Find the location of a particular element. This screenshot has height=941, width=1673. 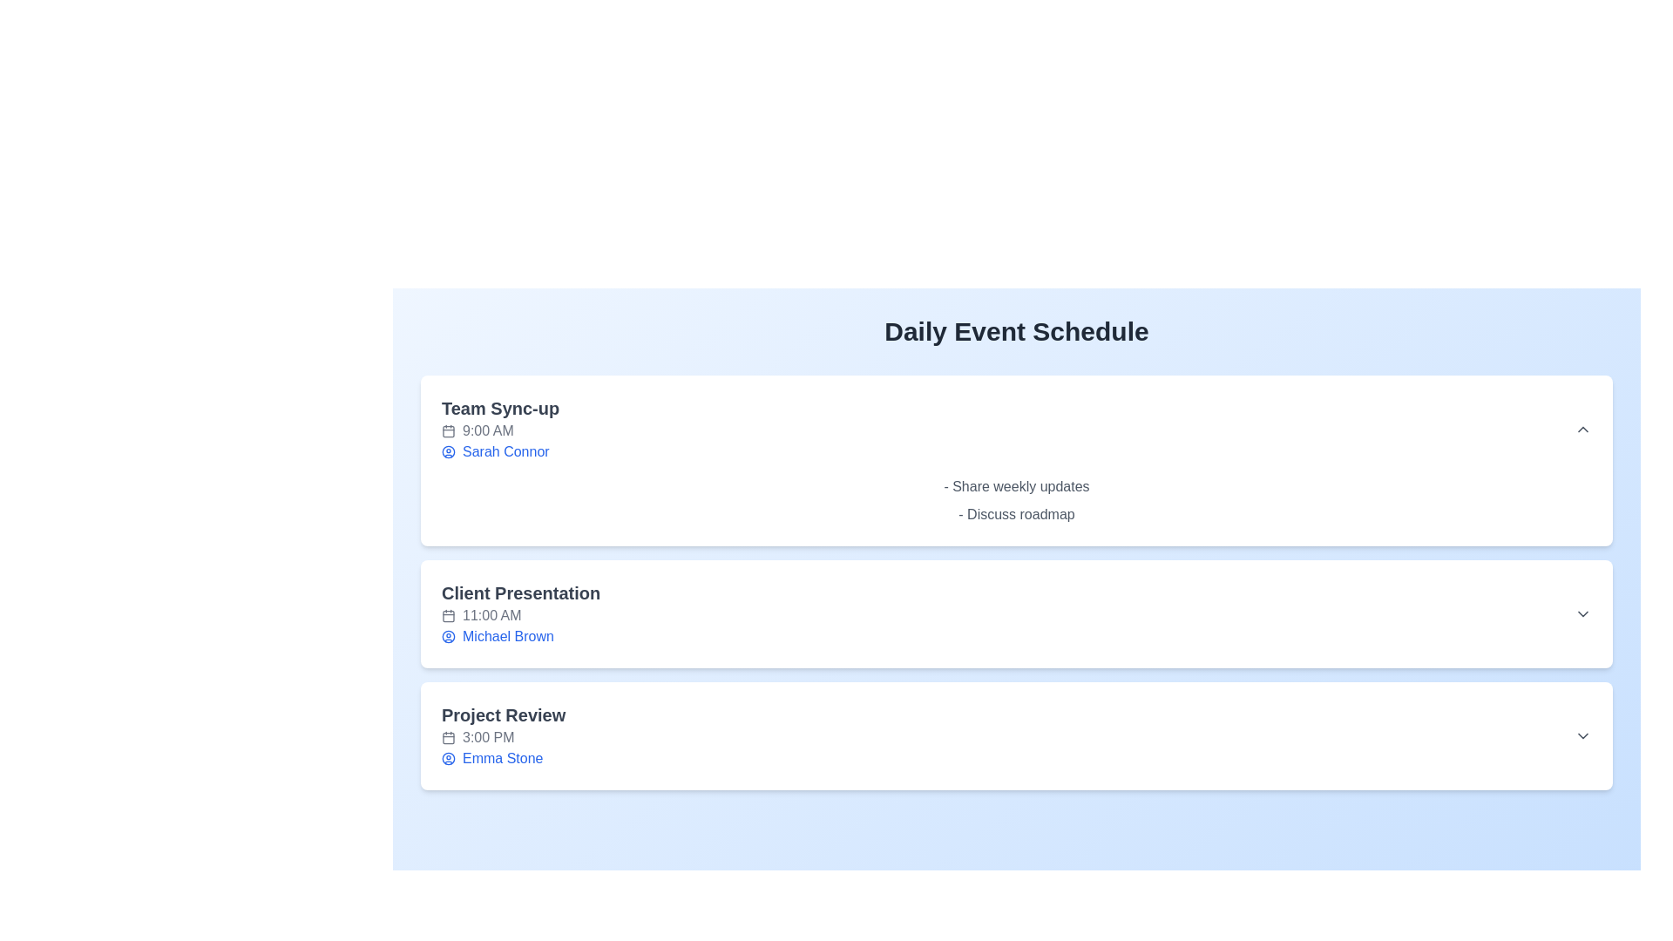

the calendar icon within the second event card labeled 'Client Presentation', which is styled with rounded corners and indicates an interactive feature is located at coordinates (448, 614).